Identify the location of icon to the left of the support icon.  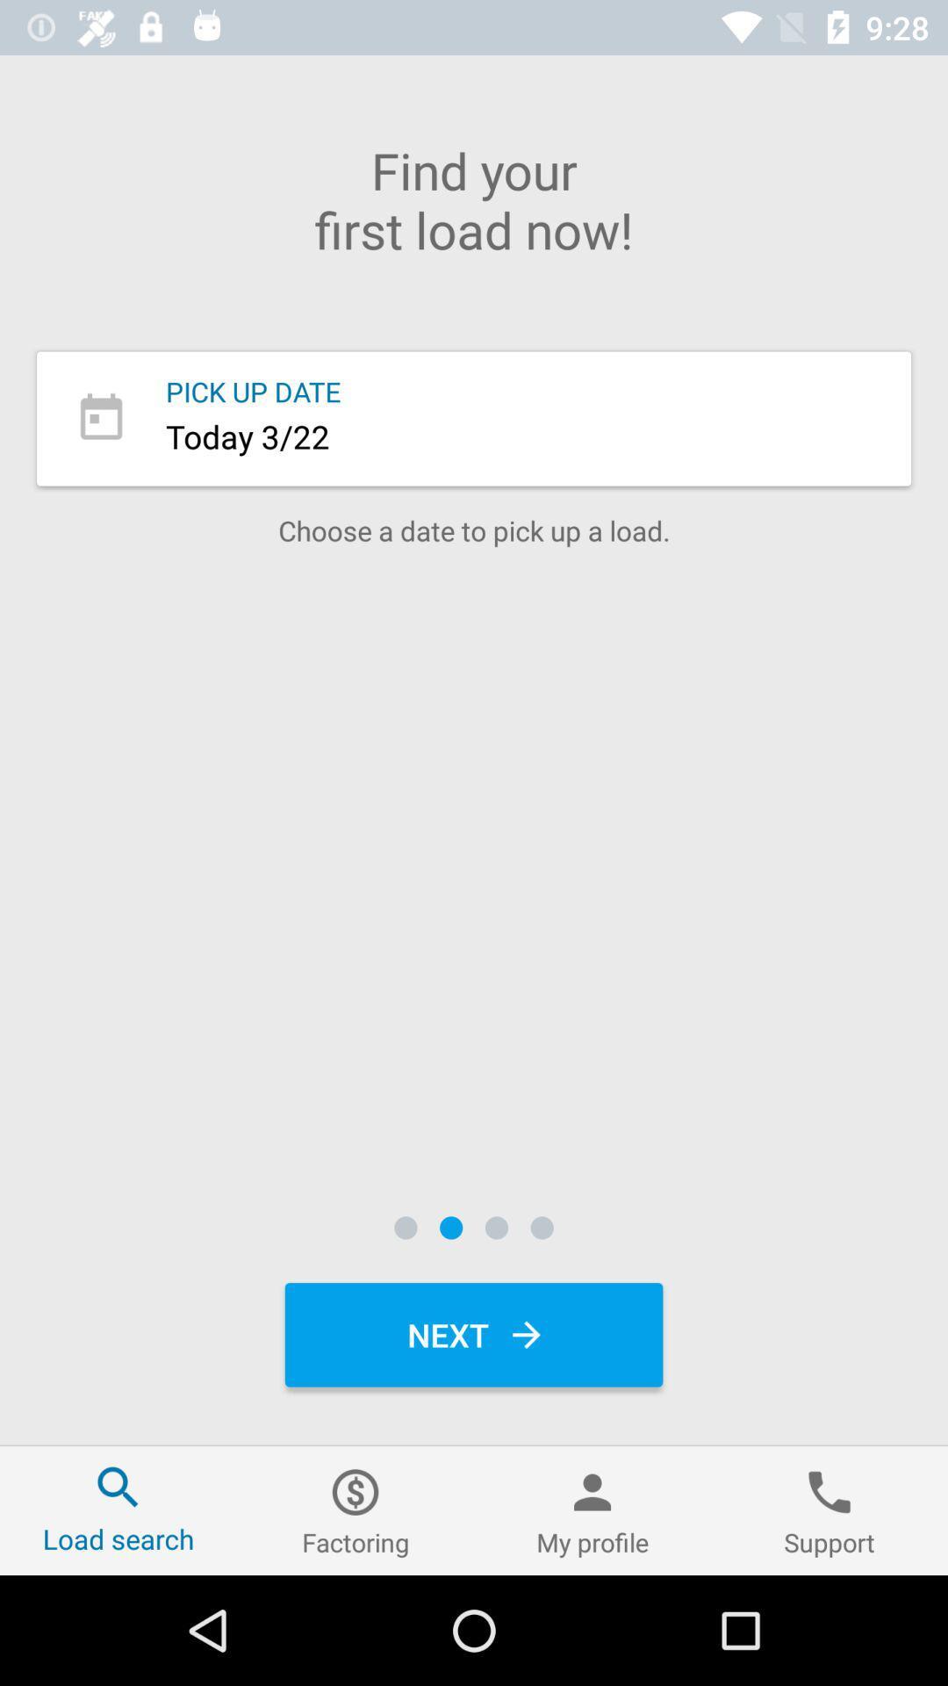
(592, 1509).